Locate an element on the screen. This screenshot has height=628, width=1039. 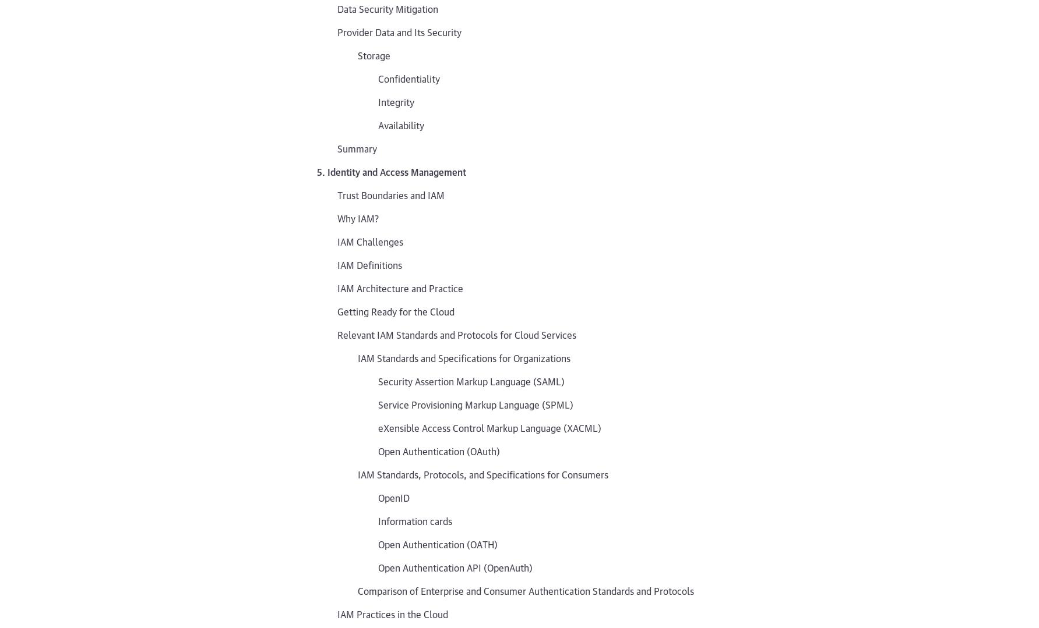
'IAM Challenges' is located at coordinates (336, 240).